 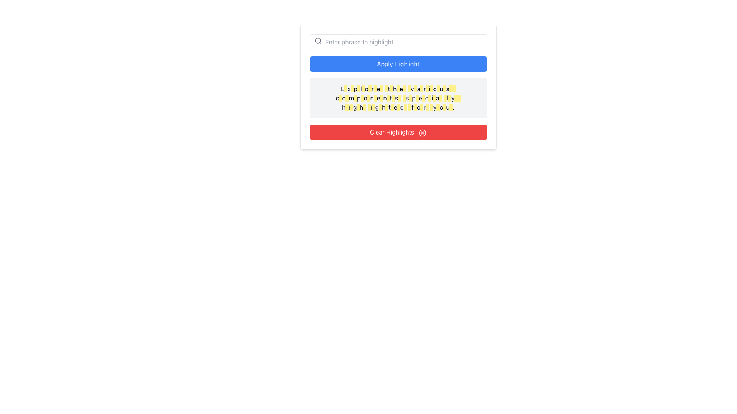 I want to click on the small rectangular highlight with a yellow background and dark yellow text, located in the bottom-right corner of the text reading 'Explore the various components specially highlighted for you.', so click(x=451, y=107).